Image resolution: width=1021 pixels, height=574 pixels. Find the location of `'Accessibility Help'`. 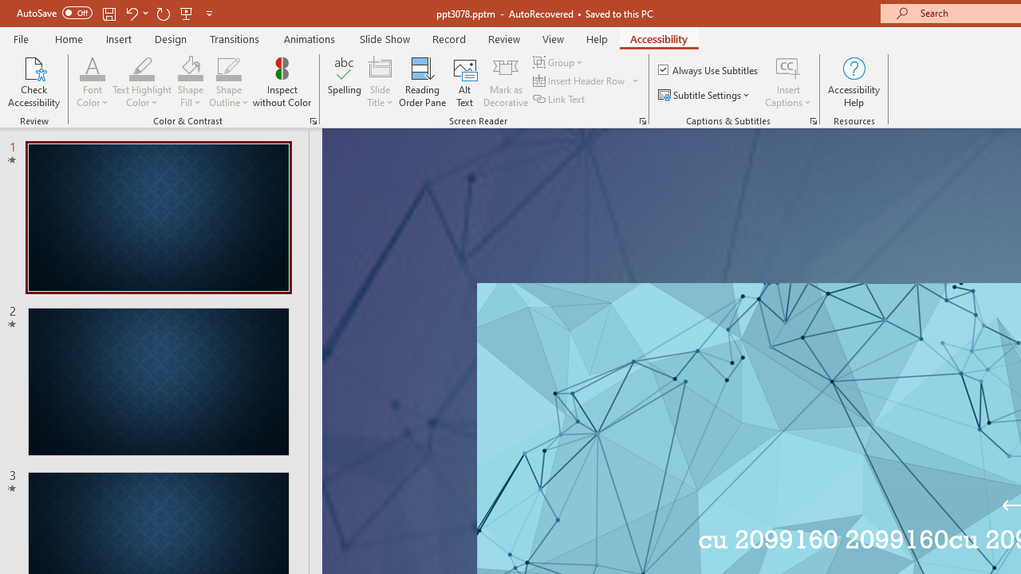

'Accessibility Help' is located at coordinates (853, 82).